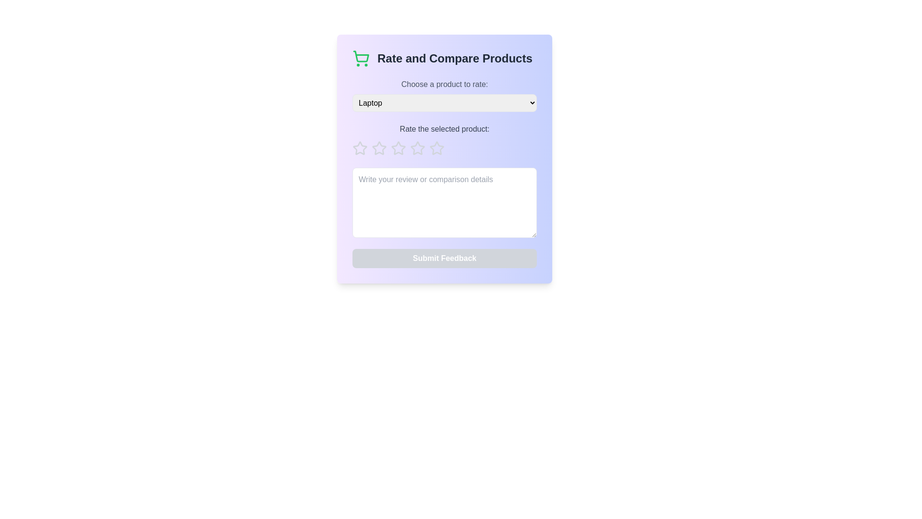 The image size is (922, 519). What do you see at coordinates (361, 59) in the screenshot?
I see `the shopping icon located at the top-left corner of the 'Rate and Compare Products' section, which serves as a visual representation of shopping functionalities` at bounding box center [361, 59].